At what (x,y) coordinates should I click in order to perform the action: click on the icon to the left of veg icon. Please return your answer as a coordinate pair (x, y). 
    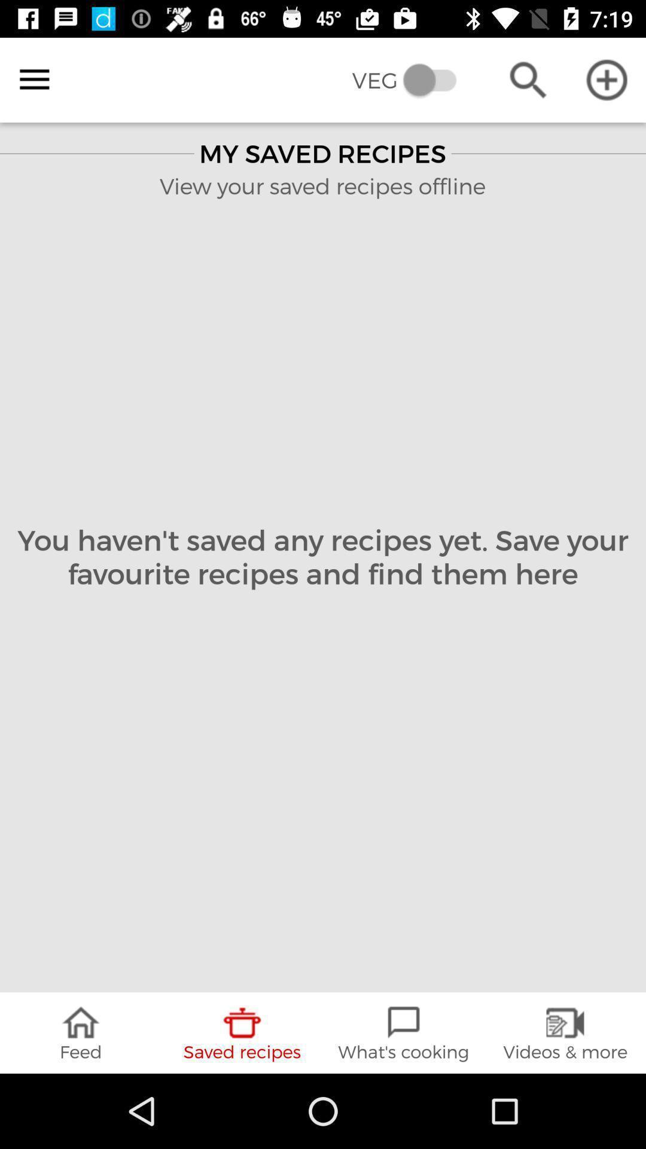
    Looking at the image, I should click on (33, 79).